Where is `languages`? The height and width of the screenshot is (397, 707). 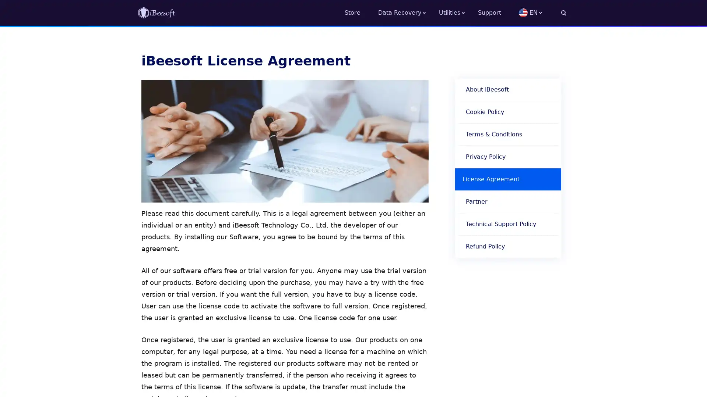
languages is located at coordinates (542, 12).